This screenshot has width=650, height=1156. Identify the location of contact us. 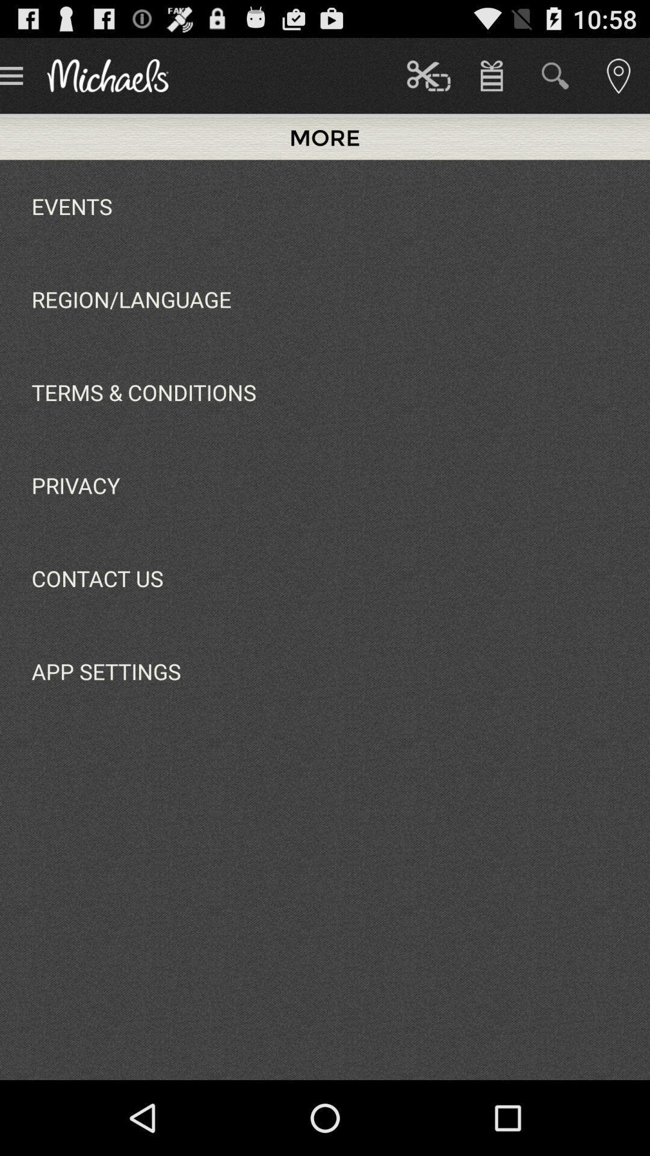
(97, 578).